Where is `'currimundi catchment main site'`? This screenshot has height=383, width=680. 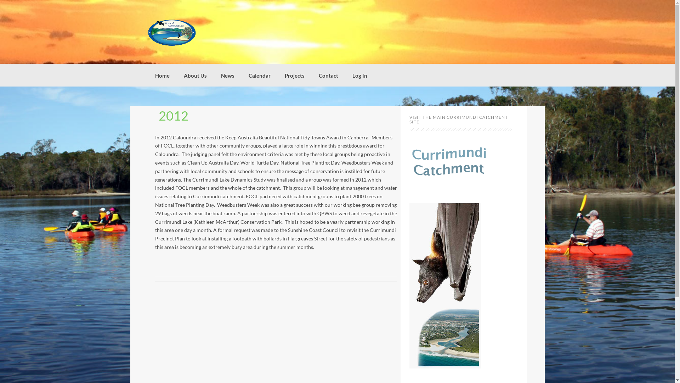
'currimundi catchment main site' is located at coordinates (409, 163).